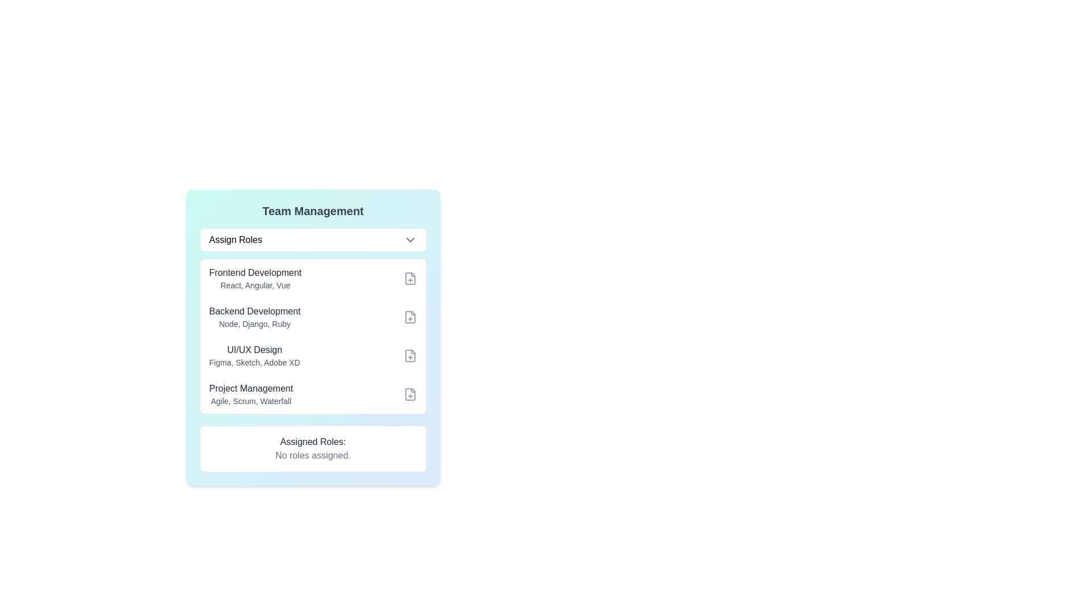 The height and width of the screenshot is (613, 1090). What do you see at coordinates (254, 317) in the screenshot?
I see `the text-based list item labeled 'Backend Development'` at bounding box center [254, 317].